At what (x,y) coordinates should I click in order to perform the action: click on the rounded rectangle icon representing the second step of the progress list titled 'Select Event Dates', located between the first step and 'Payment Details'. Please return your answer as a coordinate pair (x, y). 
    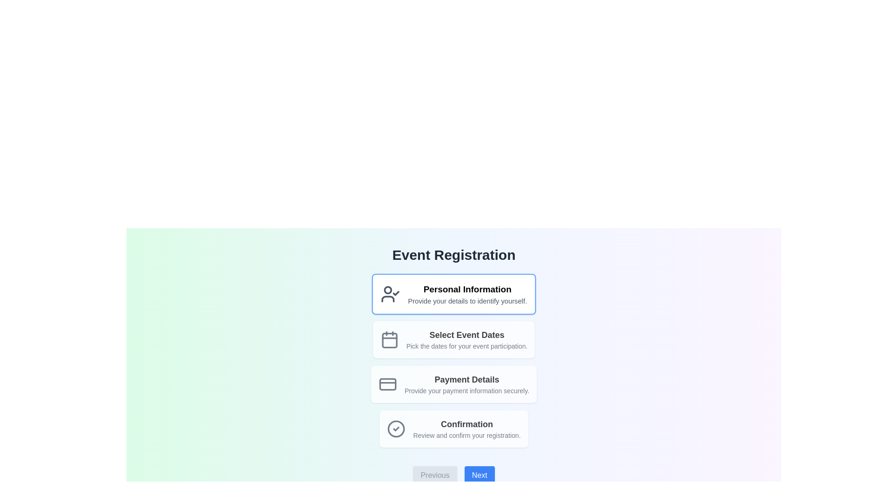
    Looking at the image, I should click on (389, 340).